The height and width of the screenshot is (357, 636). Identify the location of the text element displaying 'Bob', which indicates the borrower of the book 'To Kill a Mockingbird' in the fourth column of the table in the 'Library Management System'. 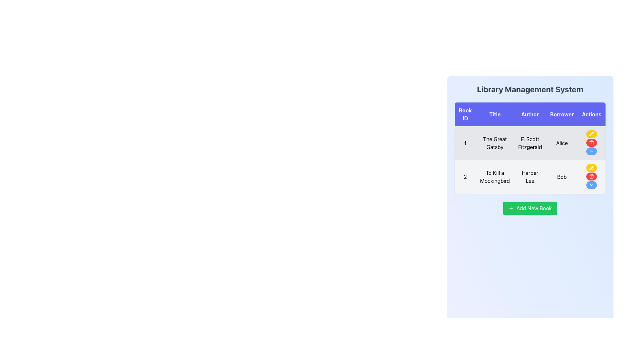
(561, 177).